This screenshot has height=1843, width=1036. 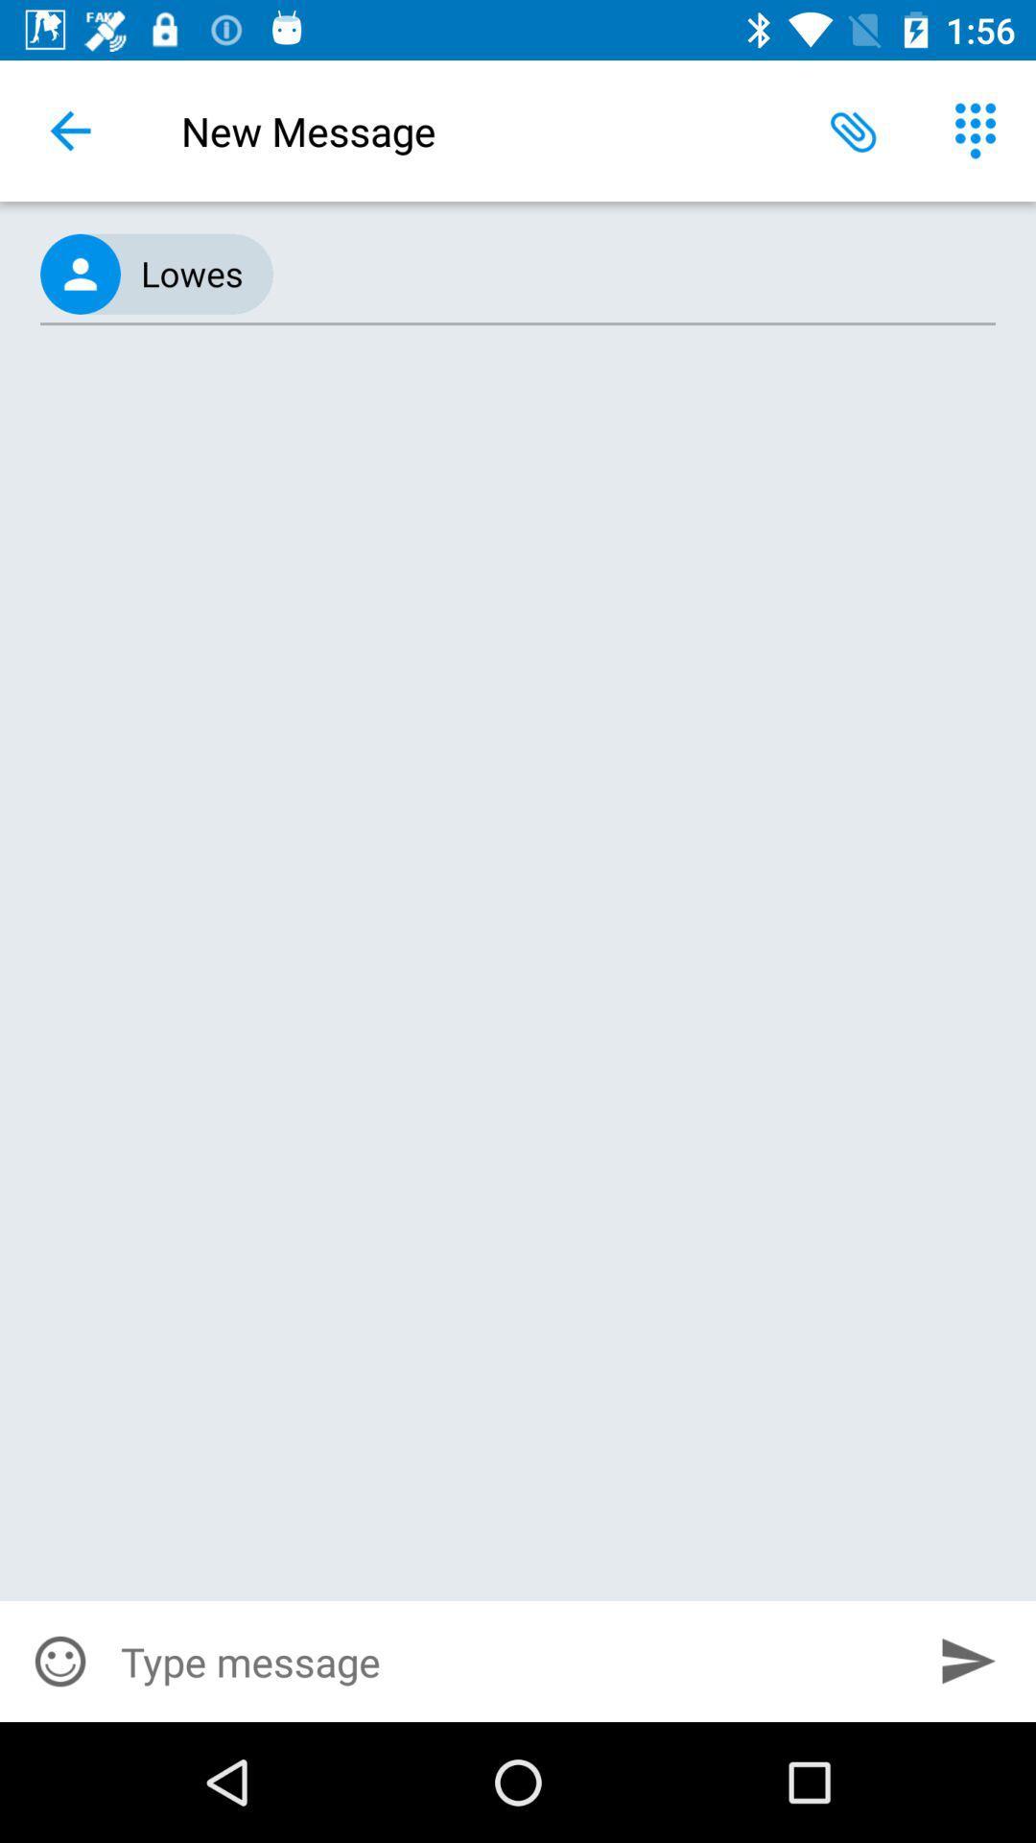 What do you see at coordinates (518, 274) in the screenshot?
I see `the (415) 486-8611,  icon` at bounding box center [518, 274].